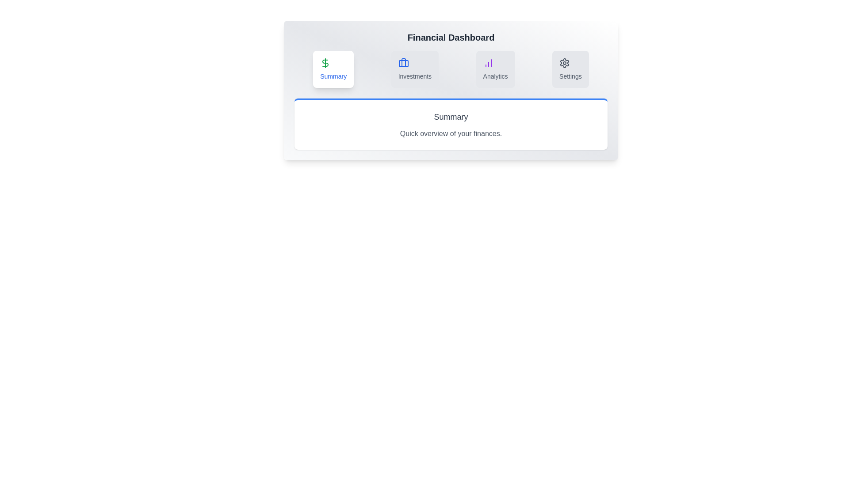 Image resolution: width=849 pixels, height=477 pixels. Describe the element at coordinates (333, 69) in the screenshot. I see `the tab with the label Summary` at that location.